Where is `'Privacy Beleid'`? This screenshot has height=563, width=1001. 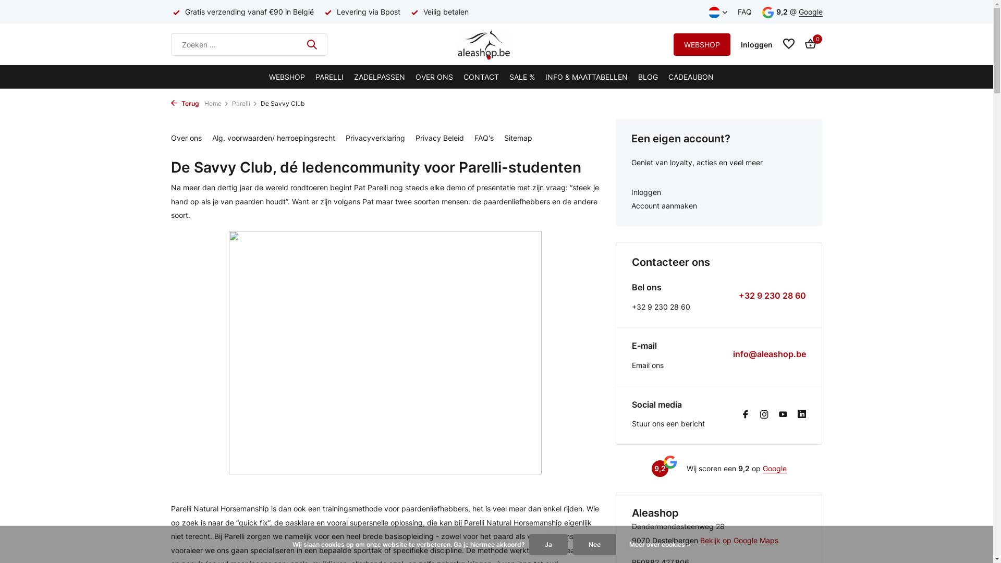 'Privacy Beleid' is located at coordinates (439, 137).